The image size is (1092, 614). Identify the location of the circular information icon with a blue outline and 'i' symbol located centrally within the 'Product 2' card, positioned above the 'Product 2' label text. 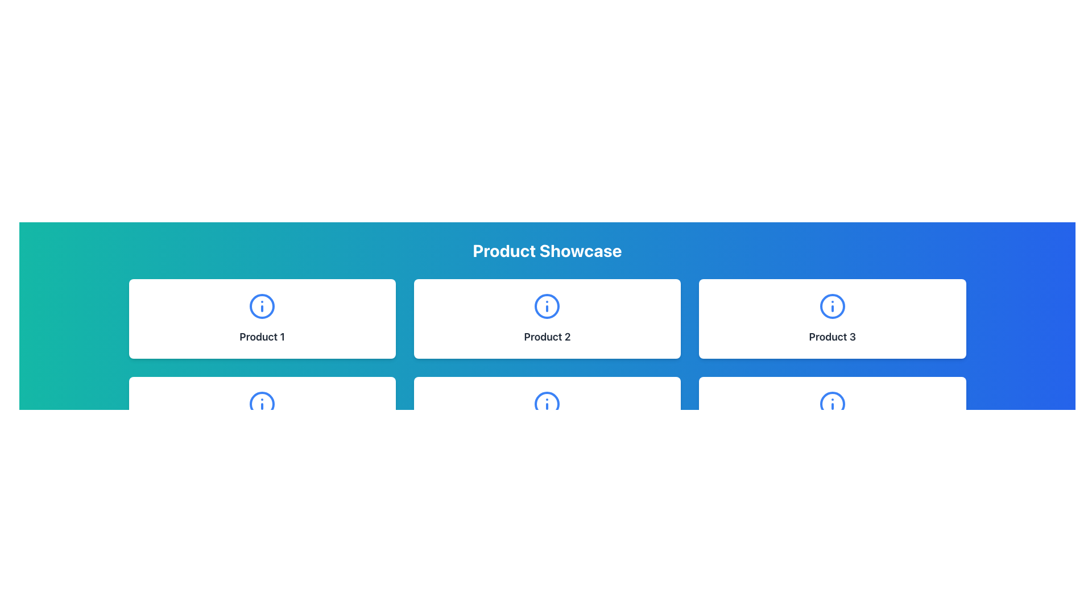
(547, 306).